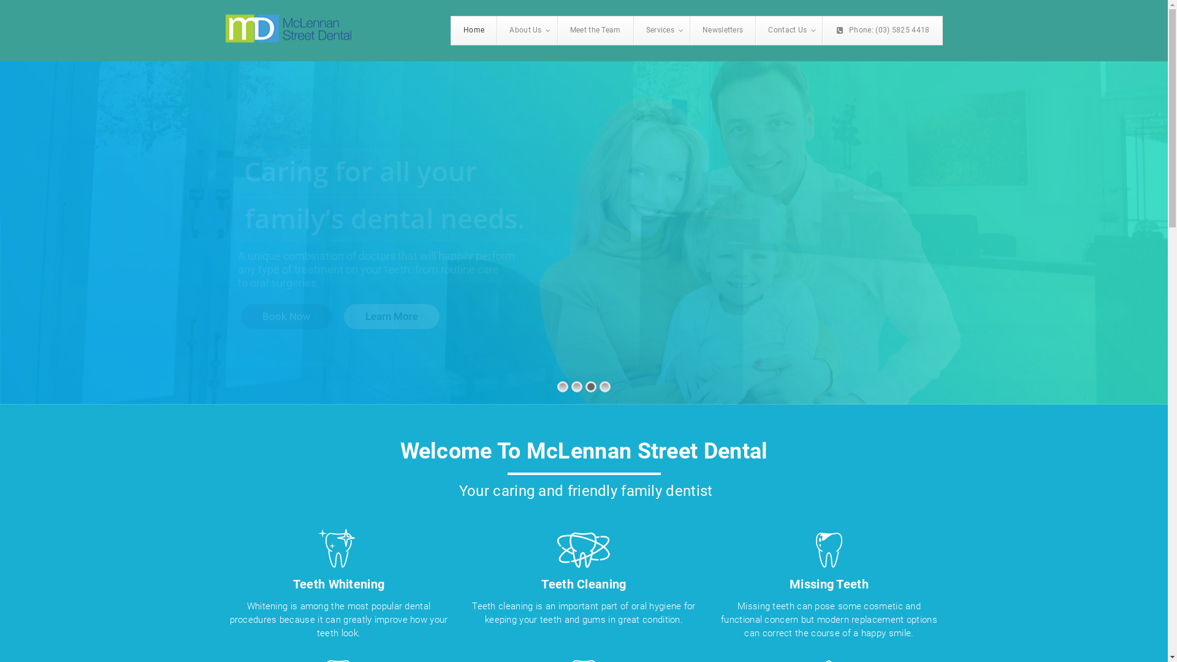 The width and height of the screenshot is (1177, 662). Describe the element at coordinates (722, 30) in the screenshot. I see `'Newsletters'` at that location.